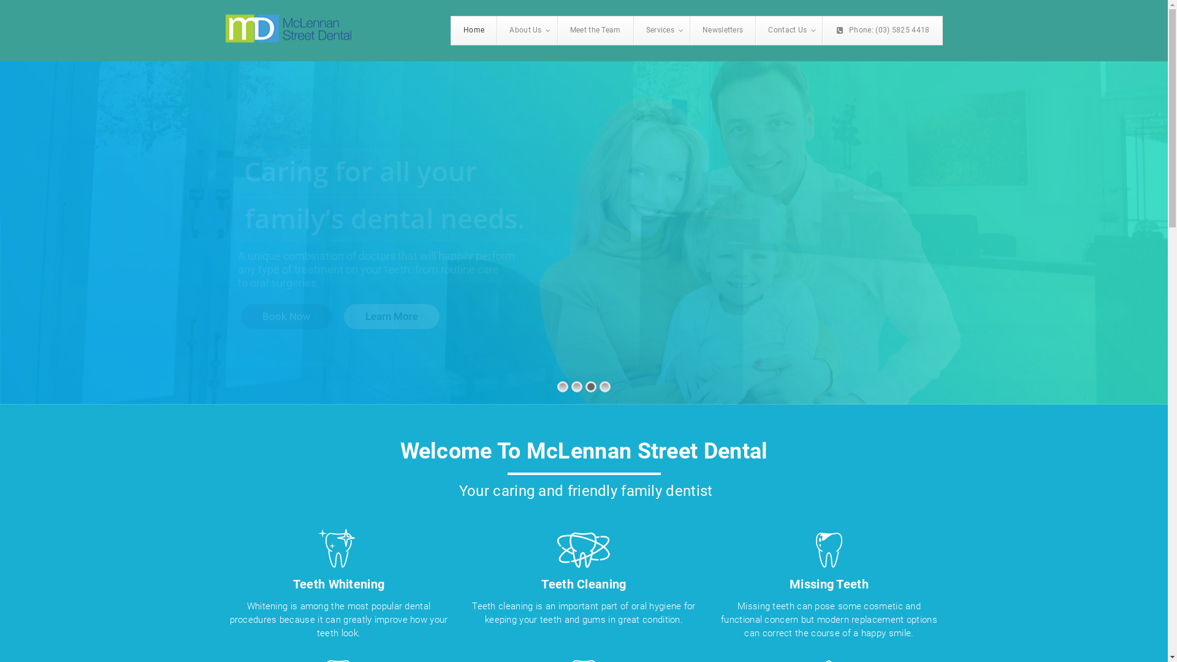 The width and height of the screenshot is (1177, 662). Describe the element at coordinates (722, 30) in the screenshot. I see `'Newsletters'` at that location.